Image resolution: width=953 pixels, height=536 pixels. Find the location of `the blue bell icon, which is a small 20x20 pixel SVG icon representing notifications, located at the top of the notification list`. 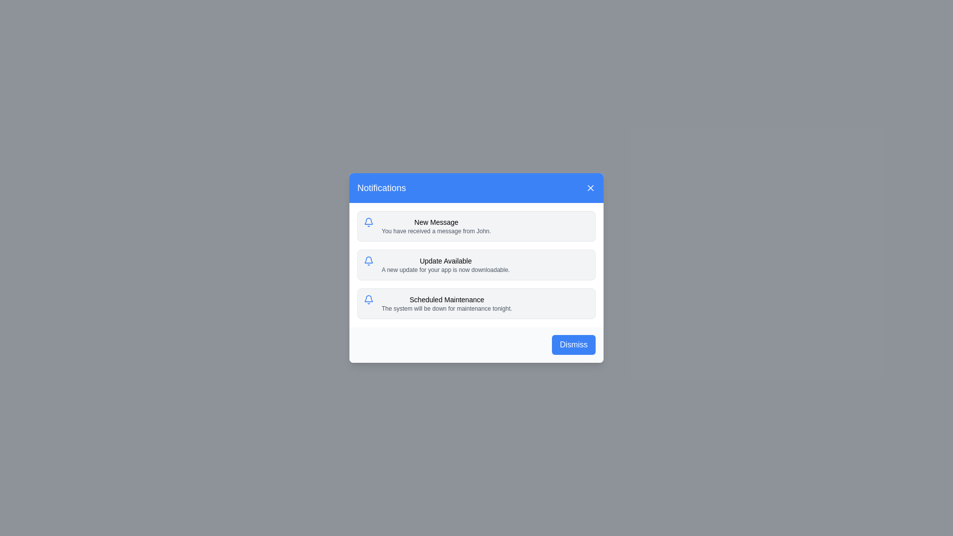

the blue bell icon, which is a small 20x20 pixel SVG icon representing notifications, located at the top of the notification list is located at coordinates (368, 221).